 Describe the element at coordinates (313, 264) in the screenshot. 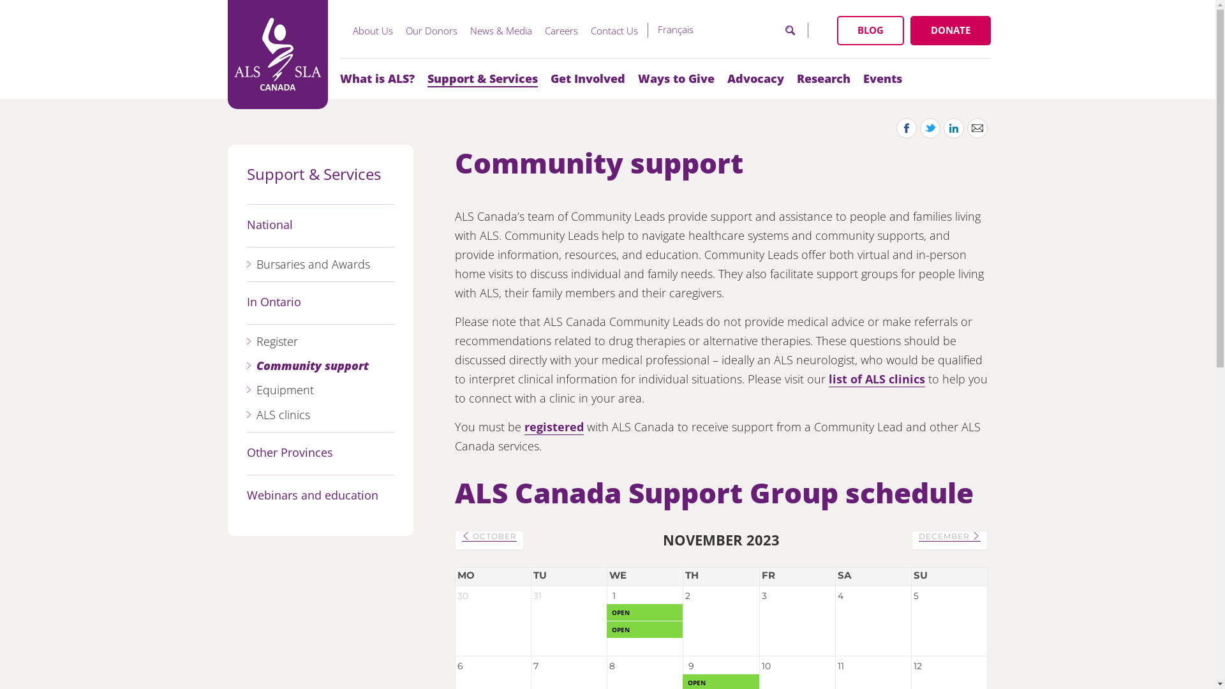

I see `'Bursaries and Awards'` at that location.